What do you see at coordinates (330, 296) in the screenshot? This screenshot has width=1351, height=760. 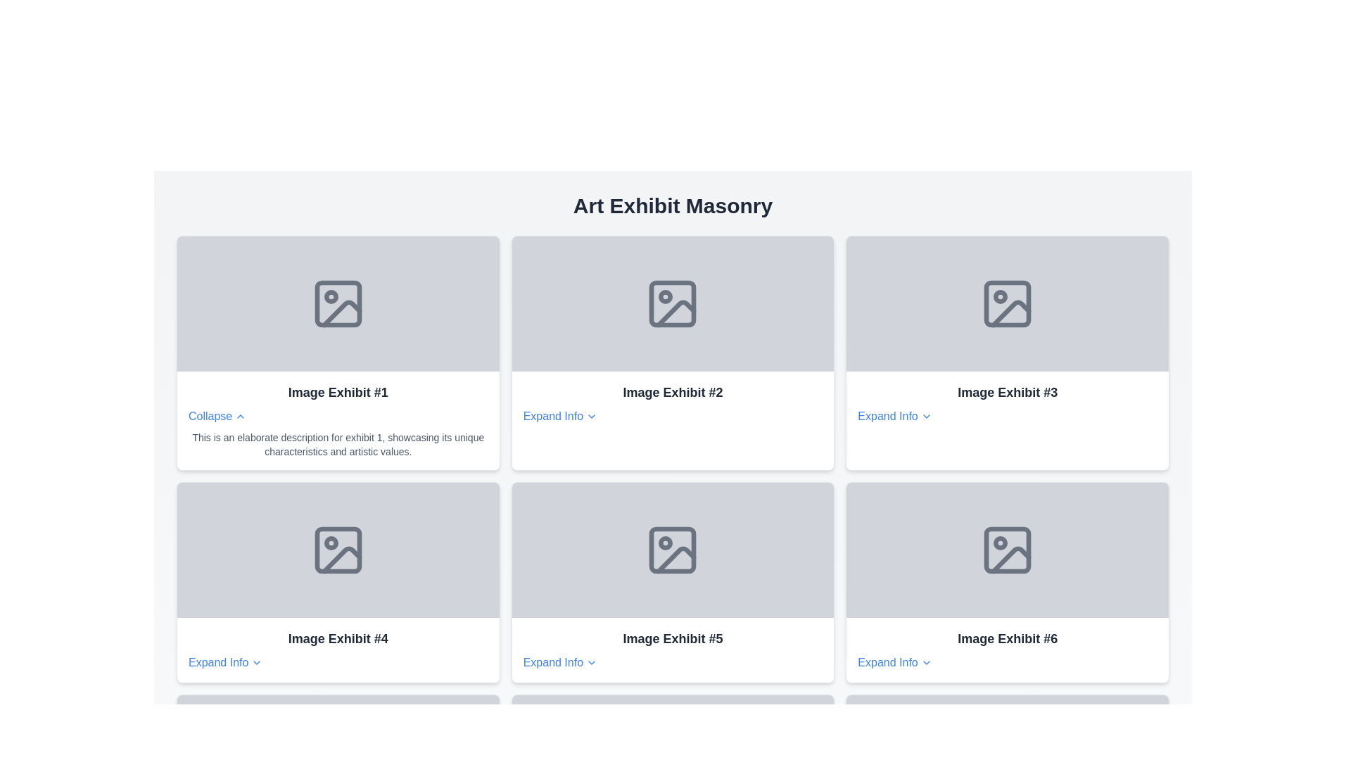 I see `the Circle graphical element, which serves as a marker or indicator within the graphic of 'Image Exhibit #1'` at bounding box center [330, 296].